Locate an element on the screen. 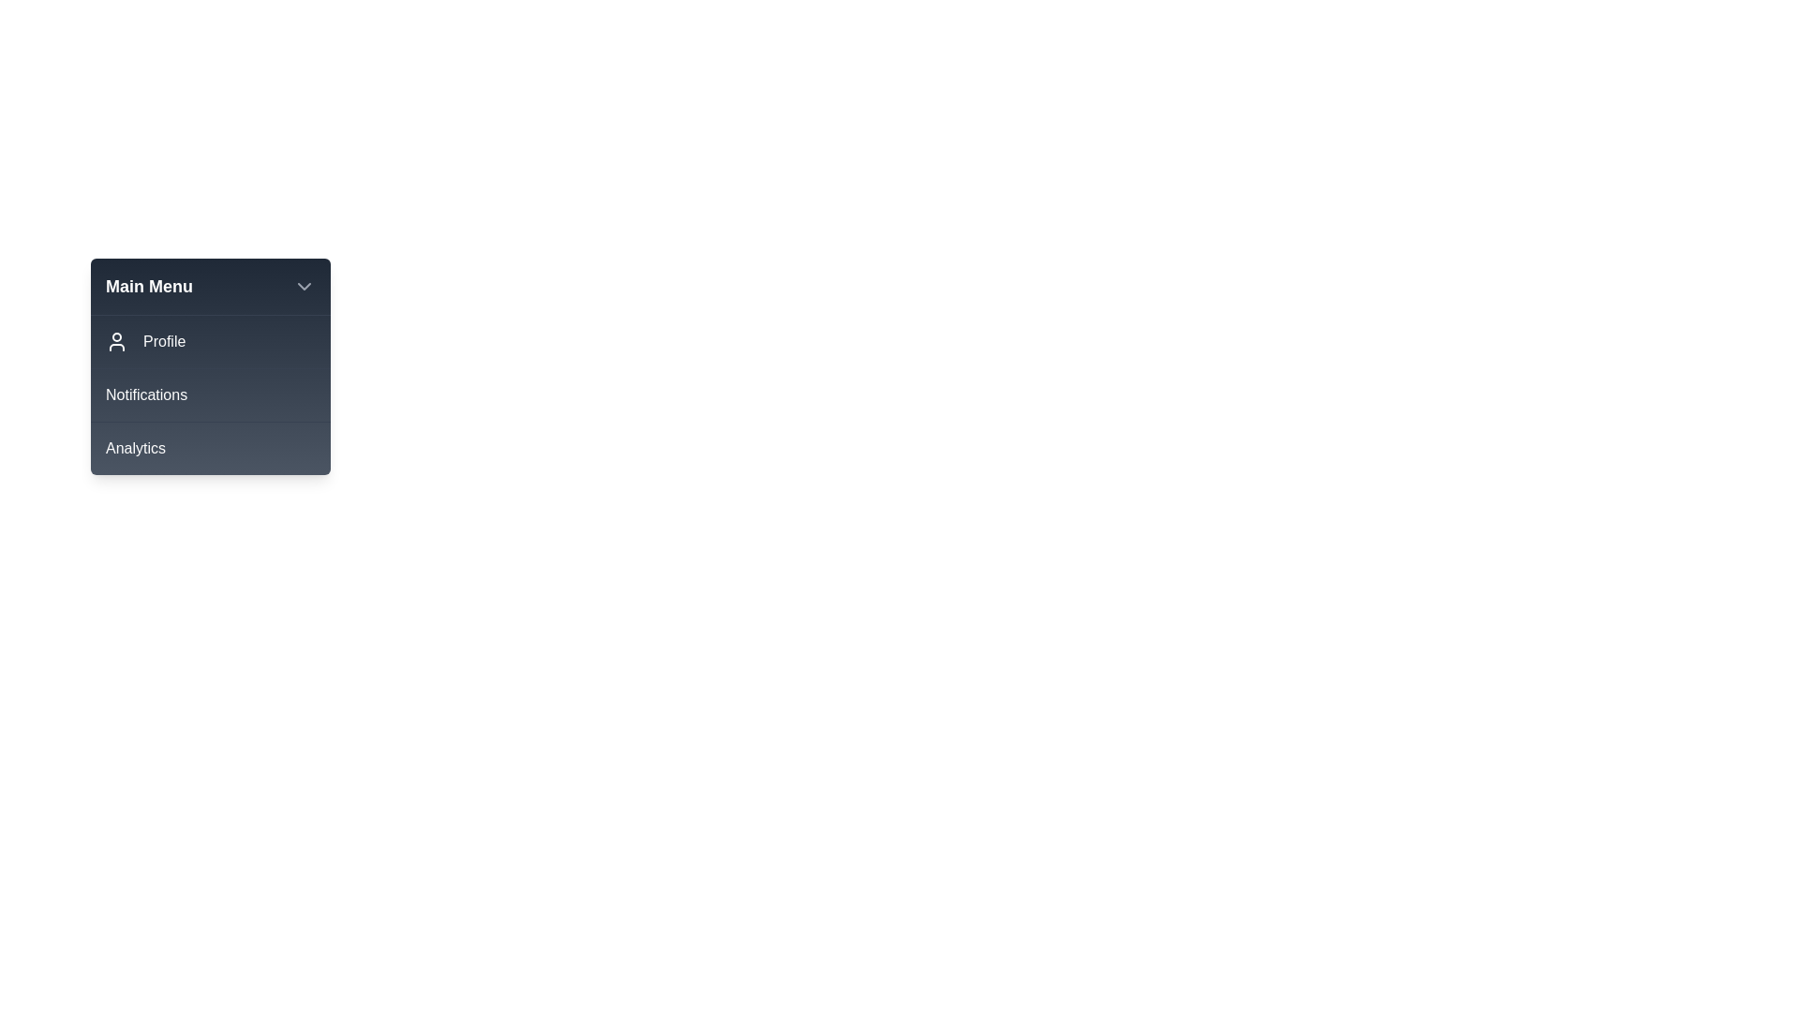 The height and width of the screenshot is (1012, 1799). the icon associated with the menu item Analytics is located at coordinates (115, 448).